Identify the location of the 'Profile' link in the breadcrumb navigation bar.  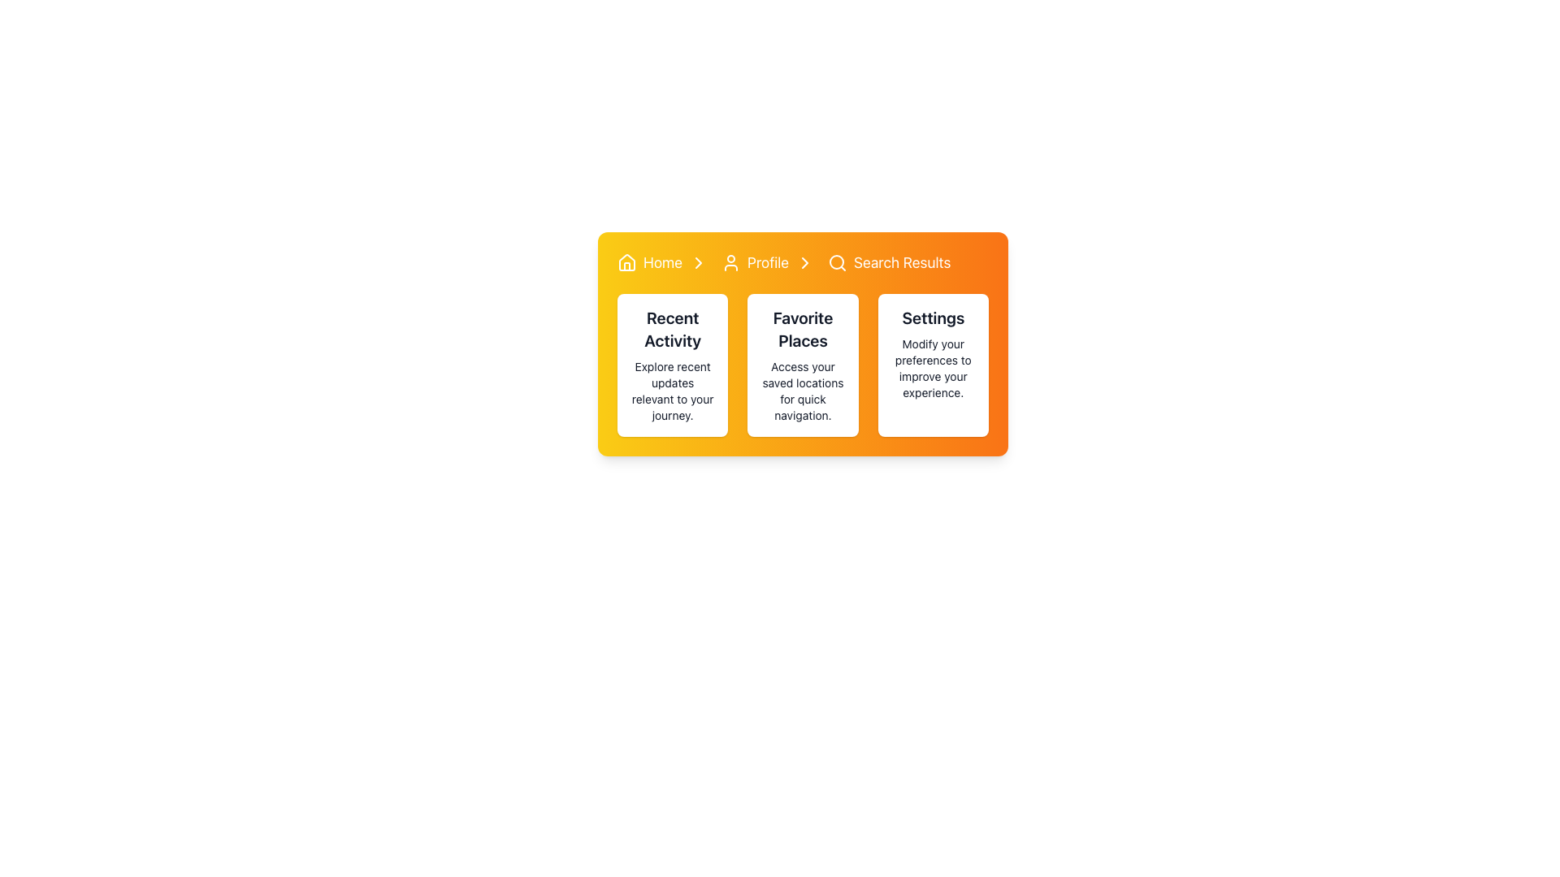
(767, 262).